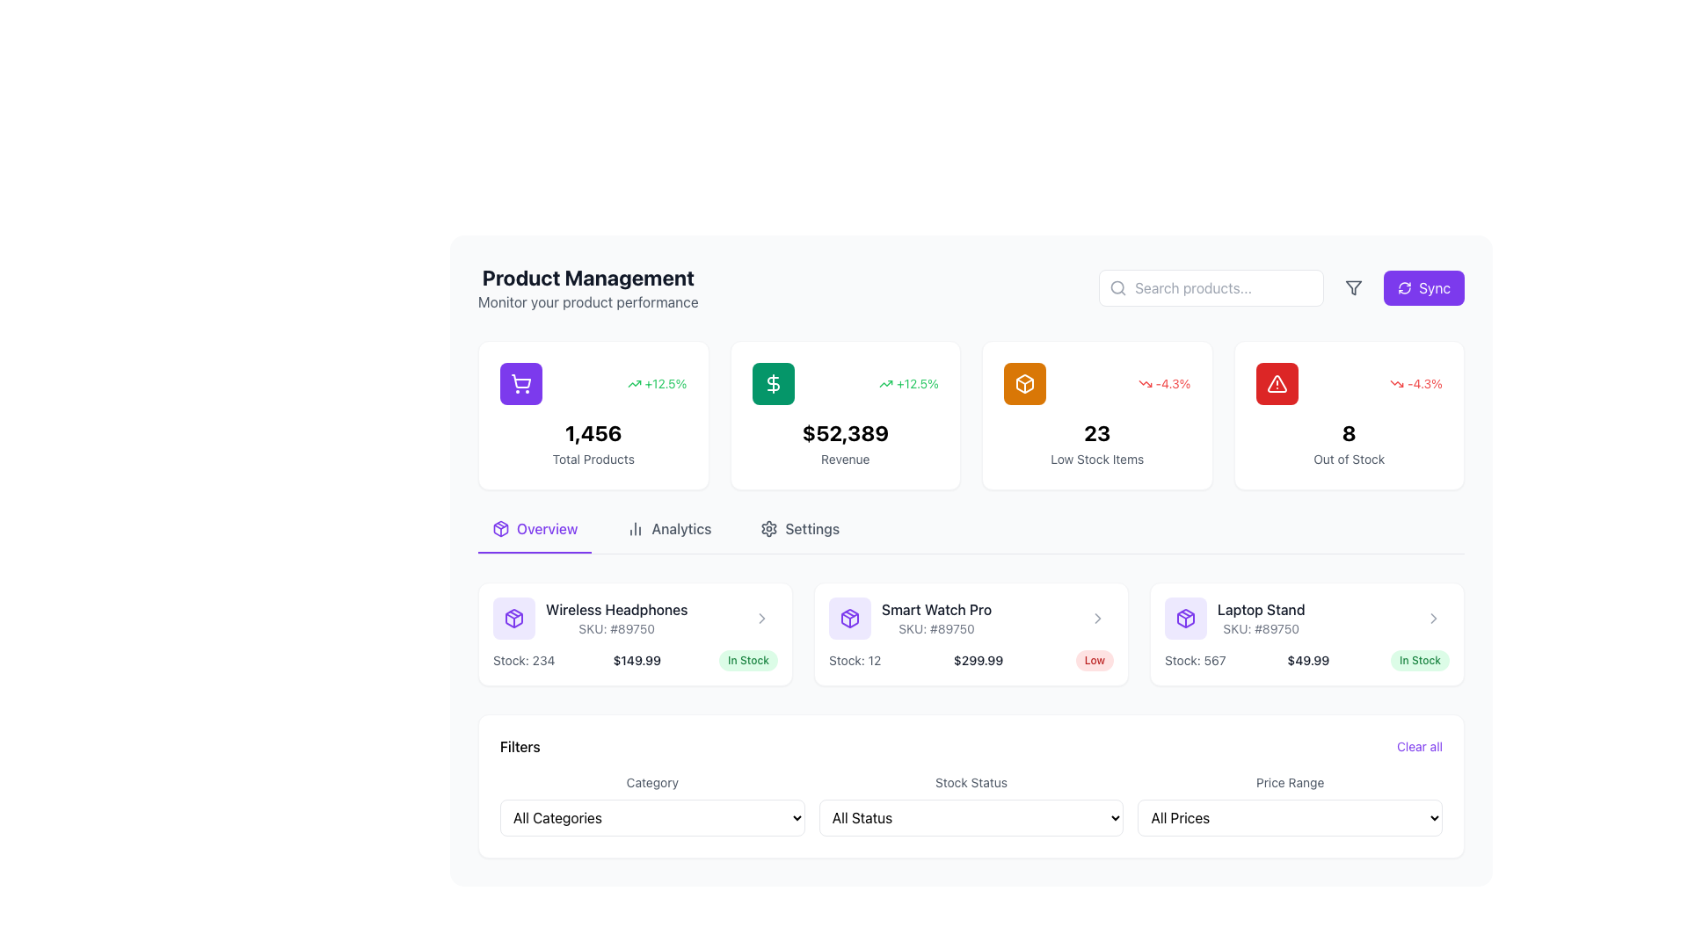  I want to click on the square icon with rounded corners featuring a light violet background and a violet outlined cube, located to the left of the 'Wireless Headphones SKU: #89750' description, so click(513, 618).